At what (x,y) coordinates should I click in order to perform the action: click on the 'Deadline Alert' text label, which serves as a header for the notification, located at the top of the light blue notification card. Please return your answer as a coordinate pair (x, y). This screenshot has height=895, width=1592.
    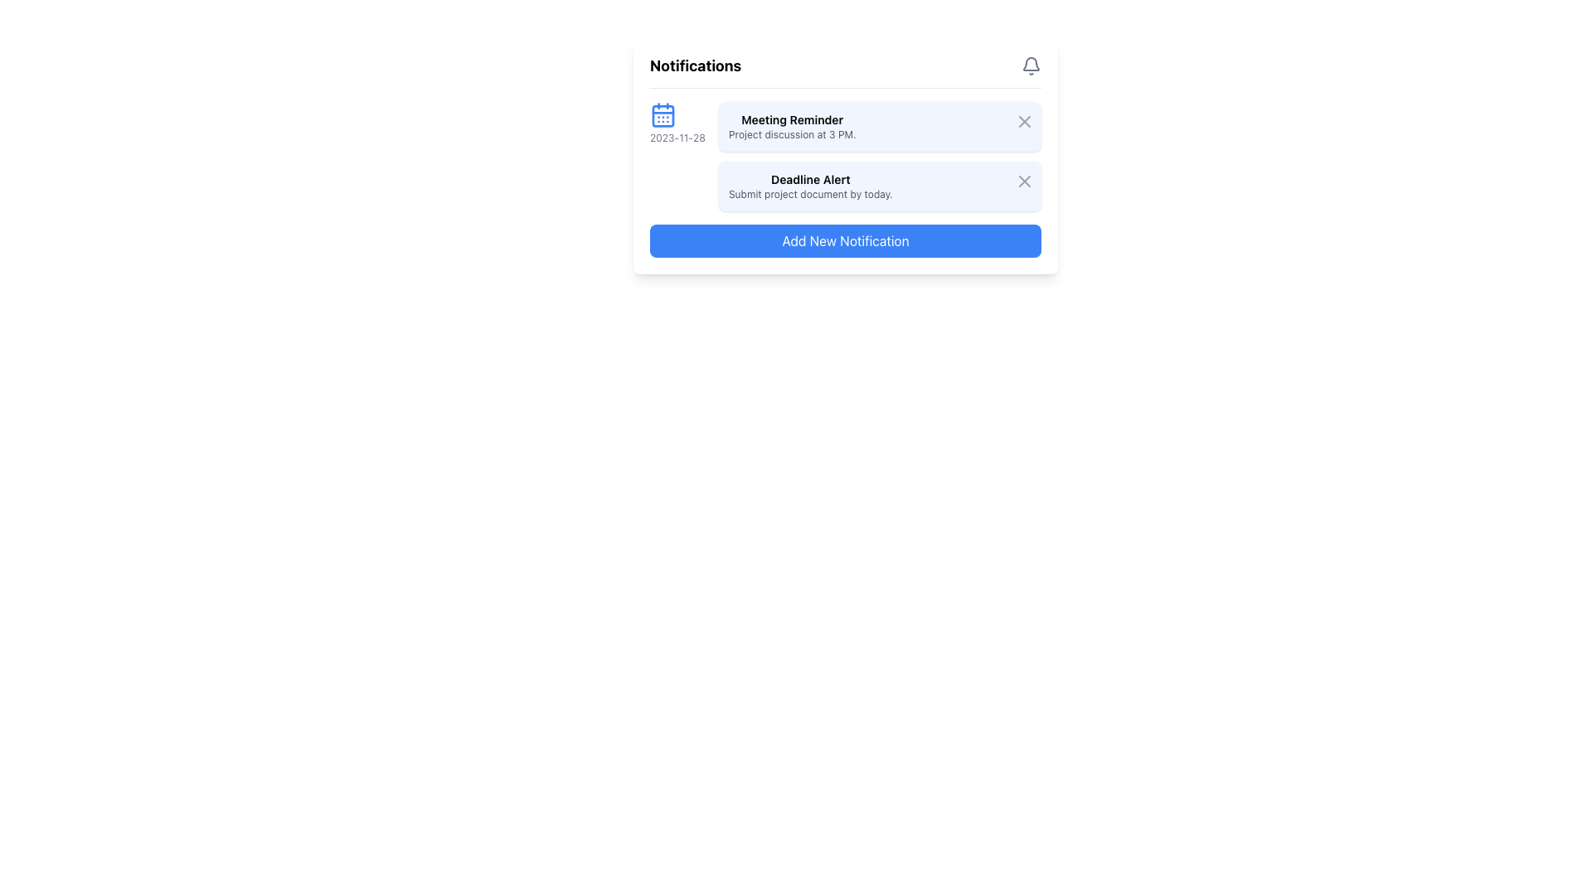
    Looking at the image, I should click on (810, 179).